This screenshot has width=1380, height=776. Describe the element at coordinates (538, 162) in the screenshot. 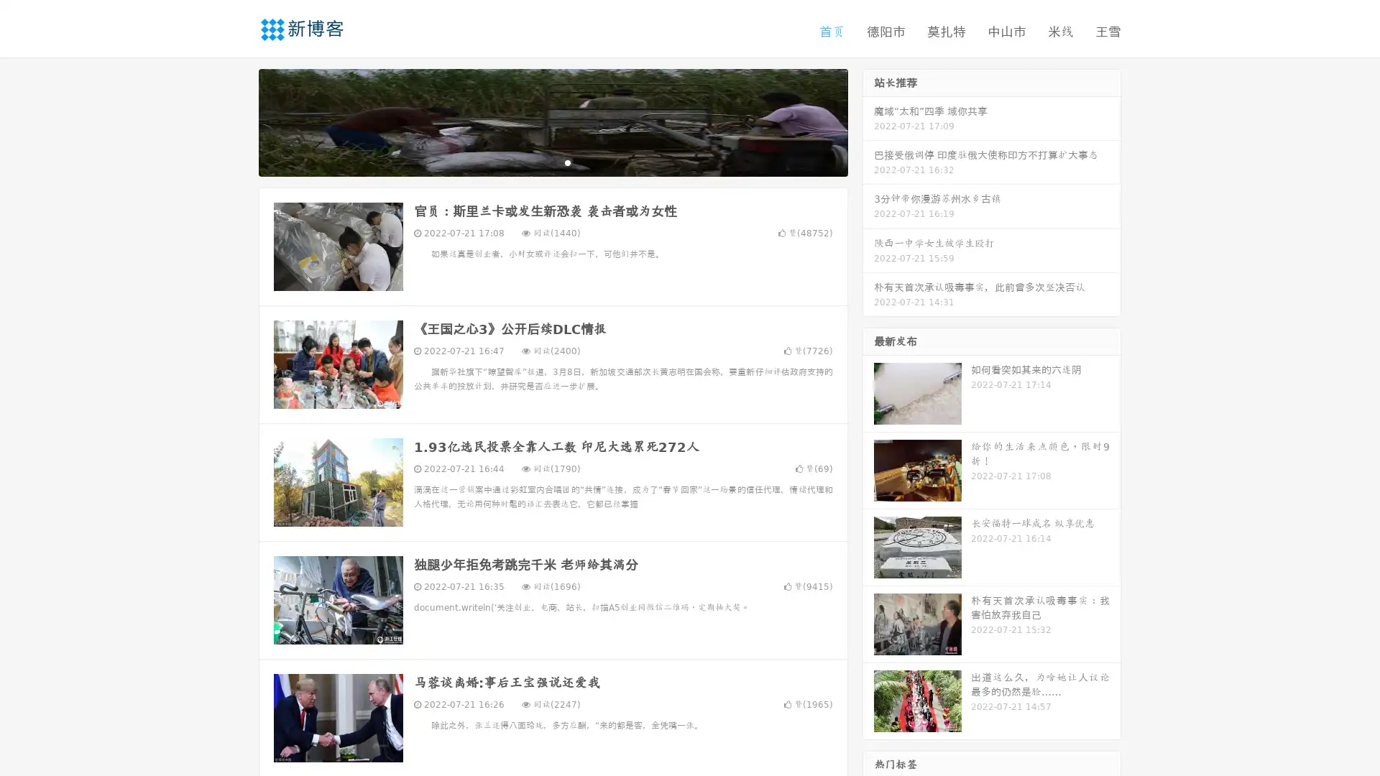

I see `Go to slide 1` at that location.